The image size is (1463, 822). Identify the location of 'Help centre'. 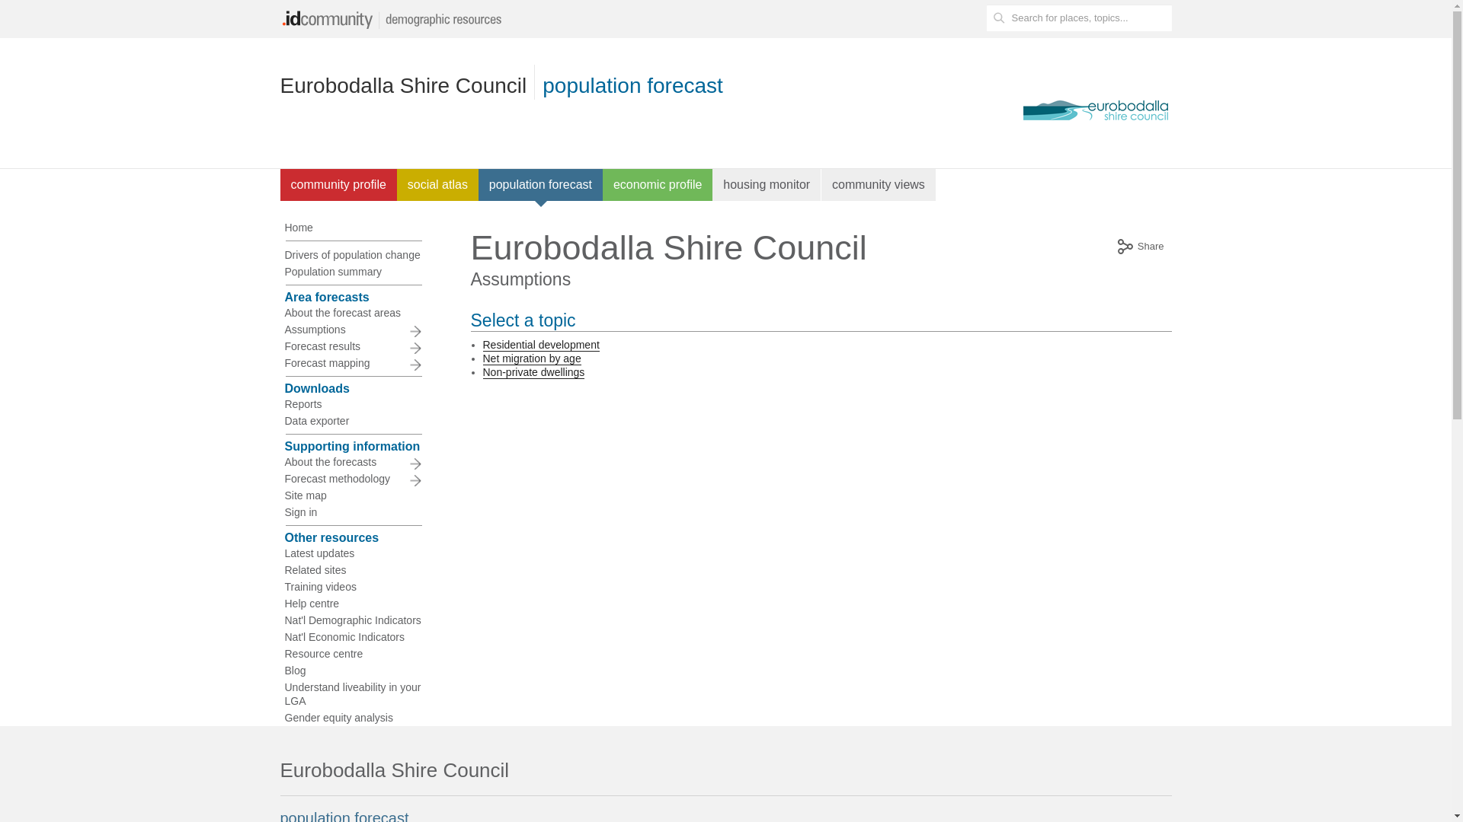
(280, 603).